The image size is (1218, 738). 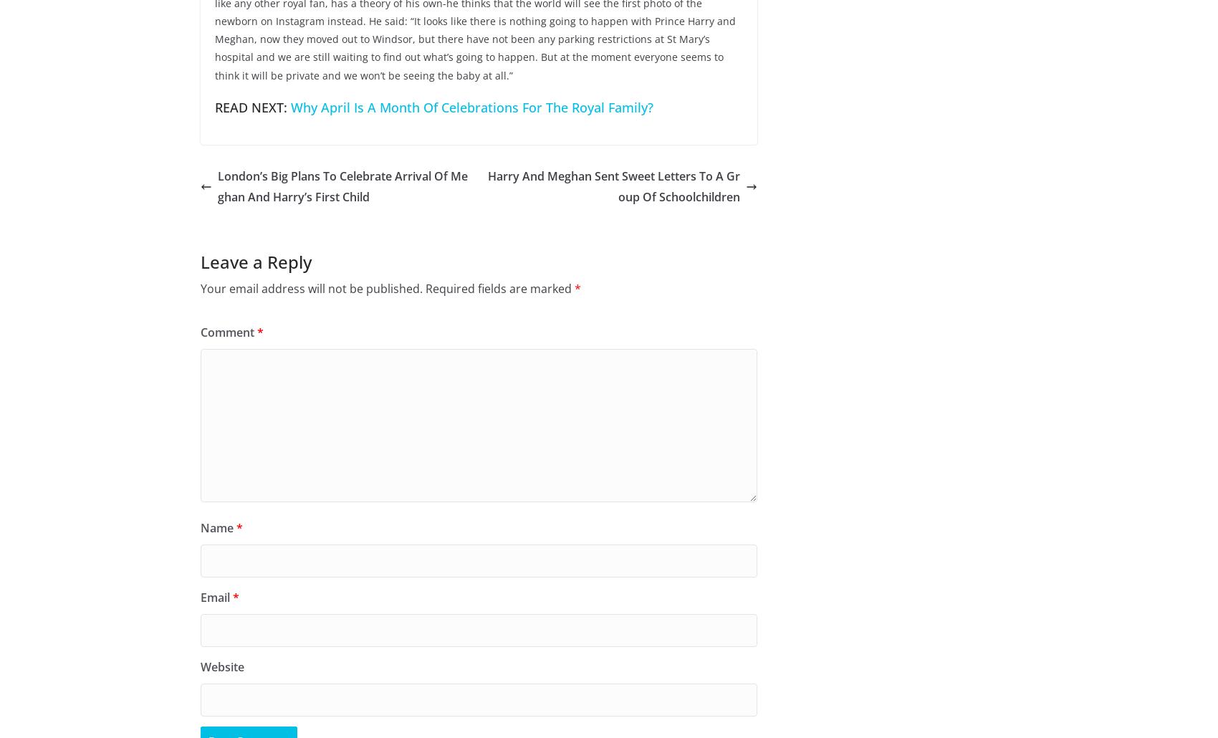 What do you see at coordinates (500, 289) in the screenshot?
I see `'Required fields are marked'` at bounding box center [500, 289].